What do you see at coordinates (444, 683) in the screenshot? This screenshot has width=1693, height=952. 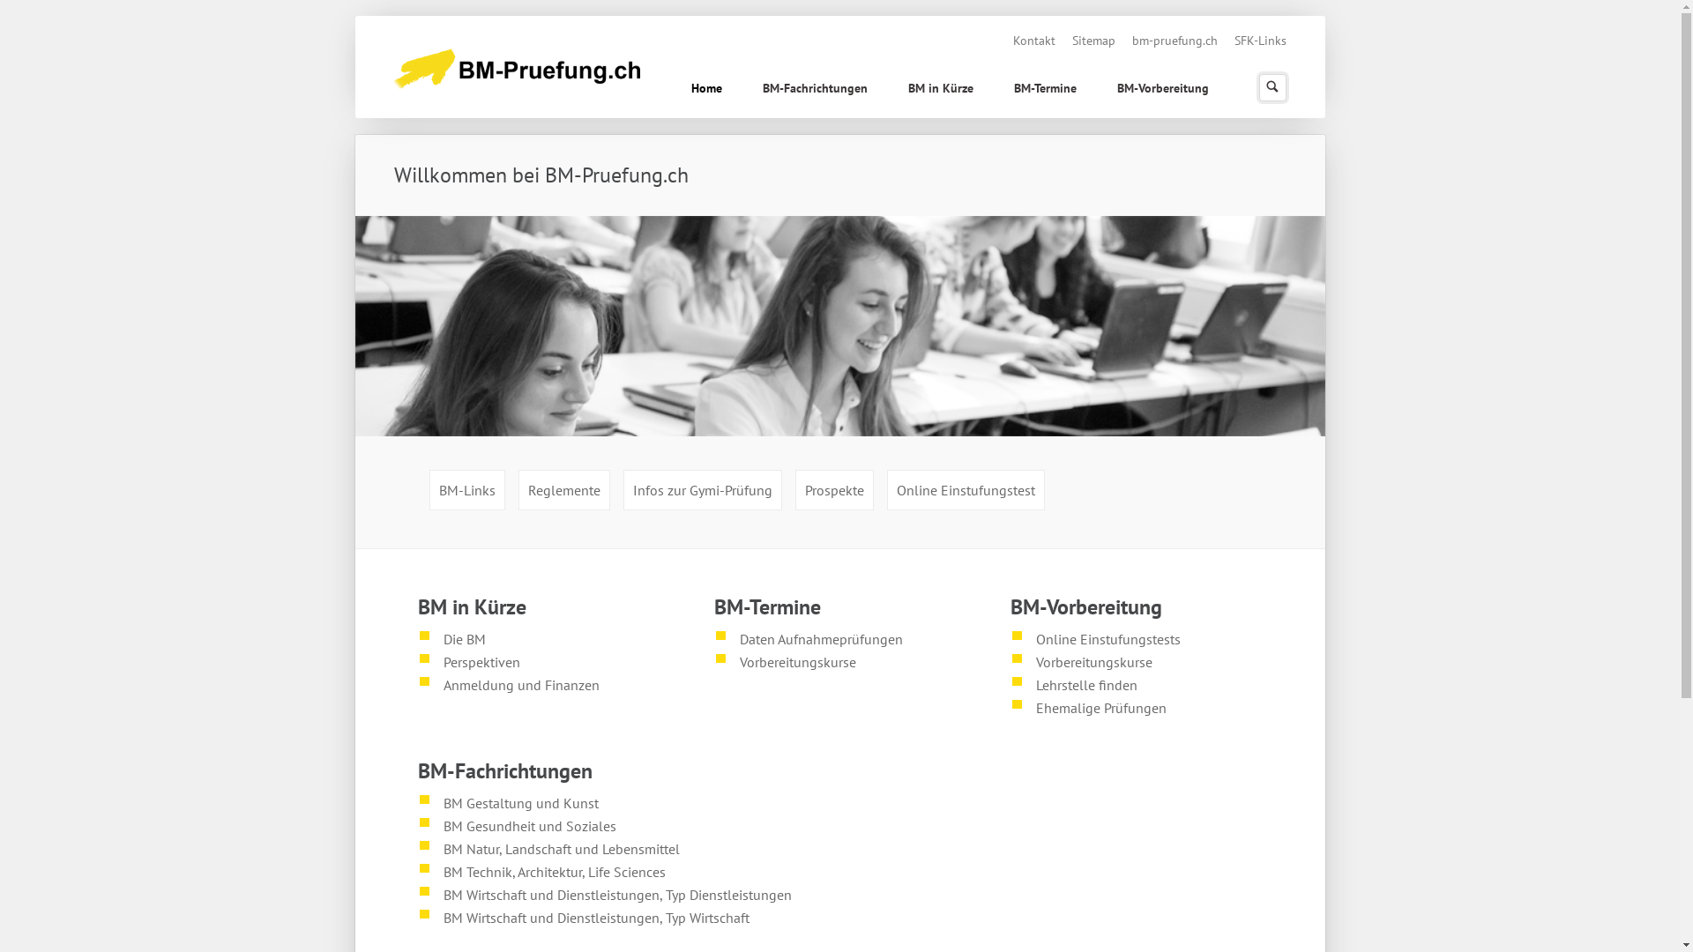 I see `'Anmeldung und Finanzen'` at bounding box center [444, 683].